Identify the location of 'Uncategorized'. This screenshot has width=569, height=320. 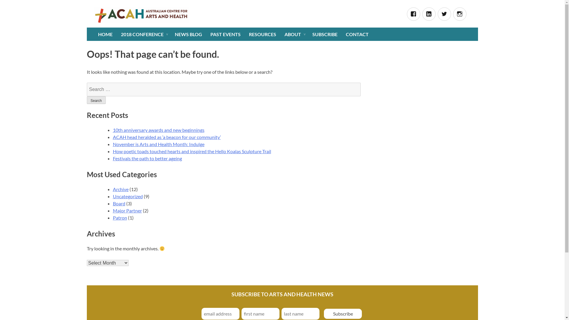
(127, 196).